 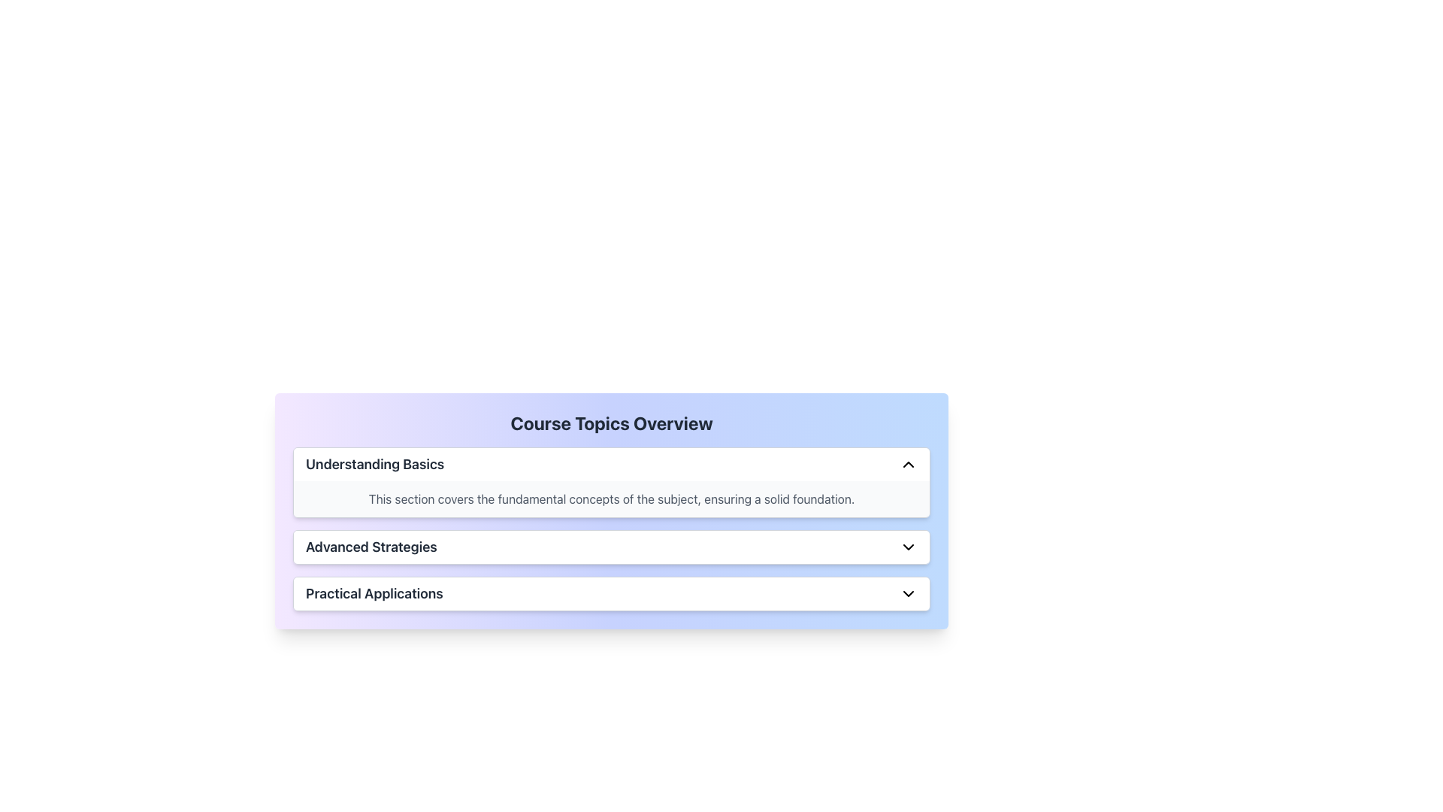 I want to click on the toggle icon for expanding or collapsing the 'Advanced Strategies' section, which is located at the far right end of the row containing the text 'Advanced Strategies', so click(x=908, y=547).